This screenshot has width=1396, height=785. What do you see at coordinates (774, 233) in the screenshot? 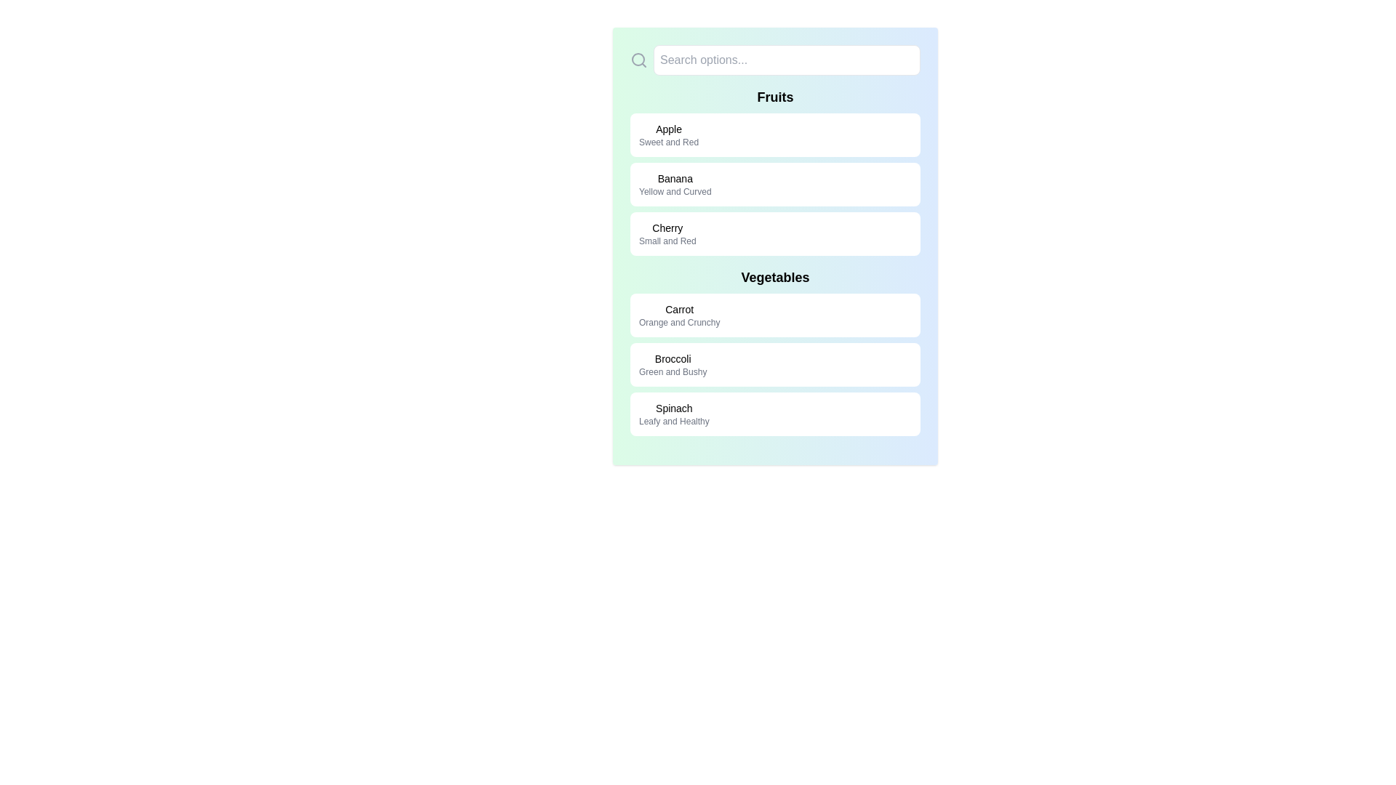
I see `the third list item representing the fruit Cherry, which is small and red` at bounding box center [774, 233].